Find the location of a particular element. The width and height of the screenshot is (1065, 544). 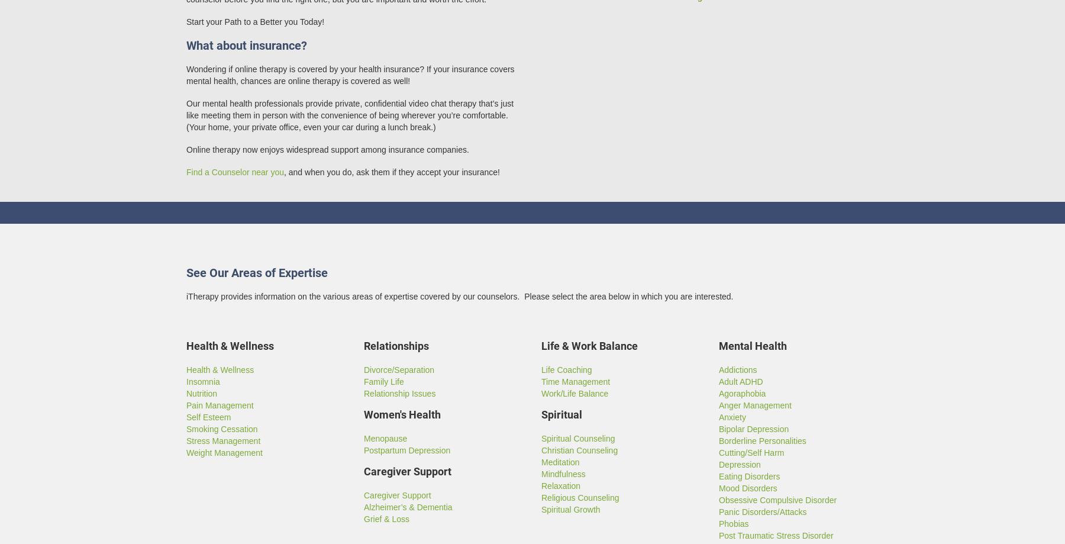

'Spiritual Growth' is located at coordinates (570, 509).